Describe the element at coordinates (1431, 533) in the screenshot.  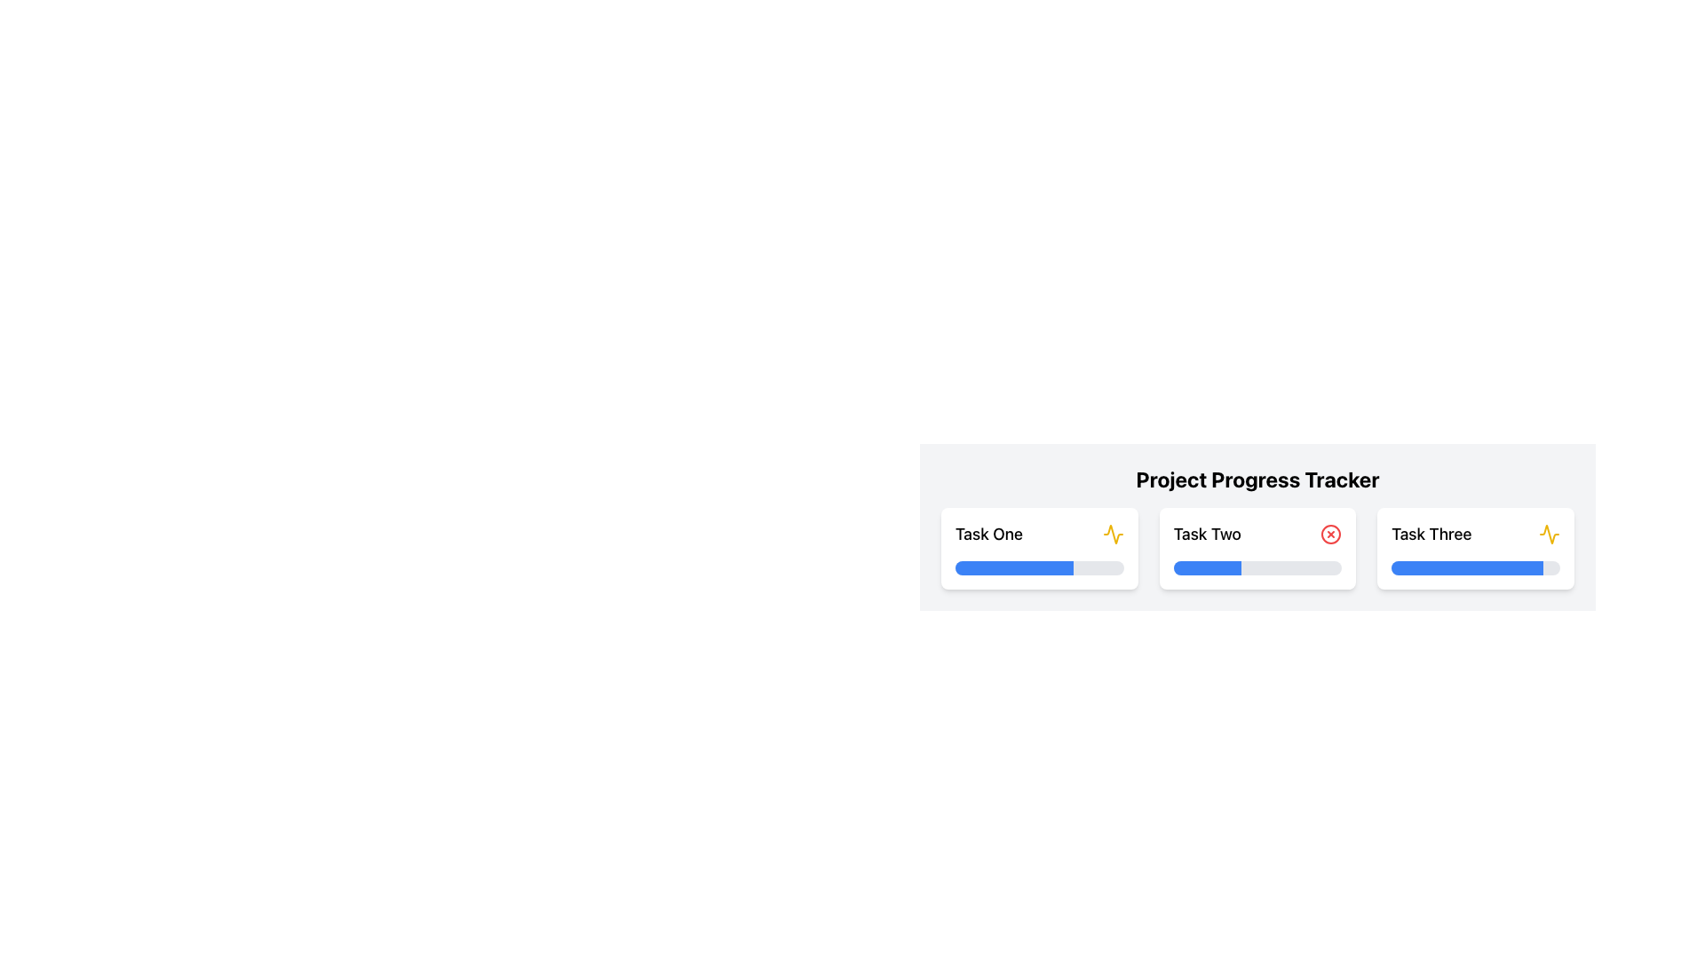
I see `the text label displaying 'Task Three', which is positioned in the rightmost card of the 'Project Progress Tracker' component` at that location.